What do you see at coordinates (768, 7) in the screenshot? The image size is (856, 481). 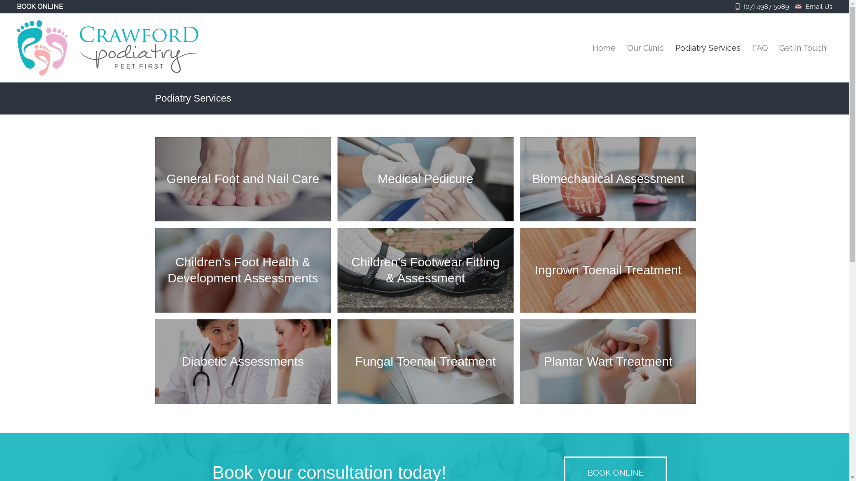 I see `'(07) 4987 5089'` at bounding box center [768, 7].